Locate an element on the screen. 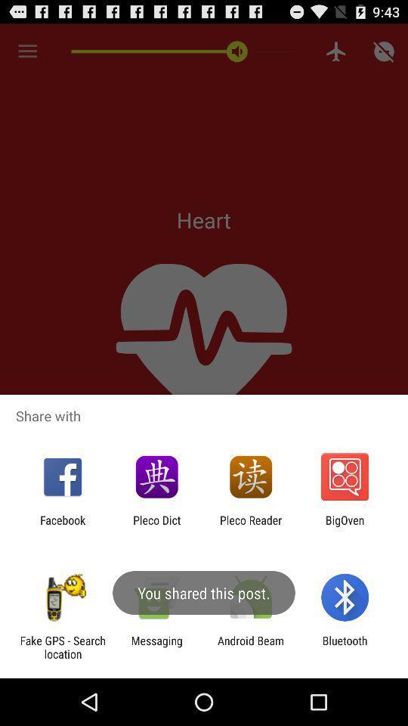 This screenshot has width=408, height=726. item next to the android beam icon is located at coordinates (345, 647).